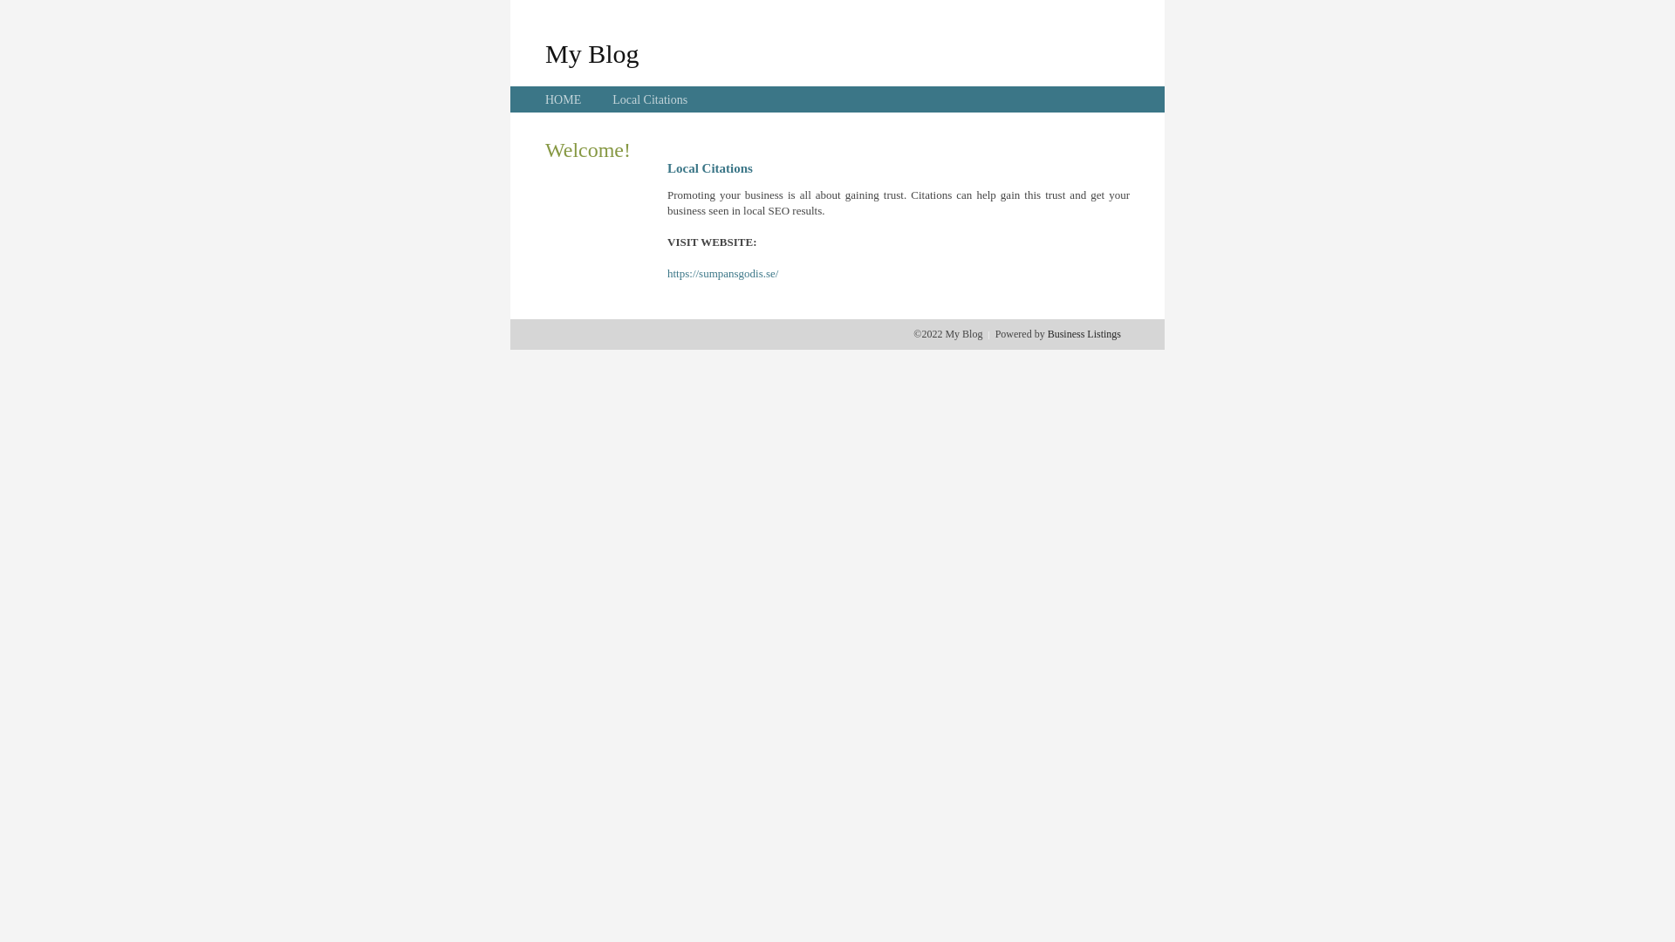 The image size is (1675, 942). What do you see at coordinates (722, 273) in the screenshot?
I see `'https://sumpansgodis.se/'` at bounding box center [722, 273].